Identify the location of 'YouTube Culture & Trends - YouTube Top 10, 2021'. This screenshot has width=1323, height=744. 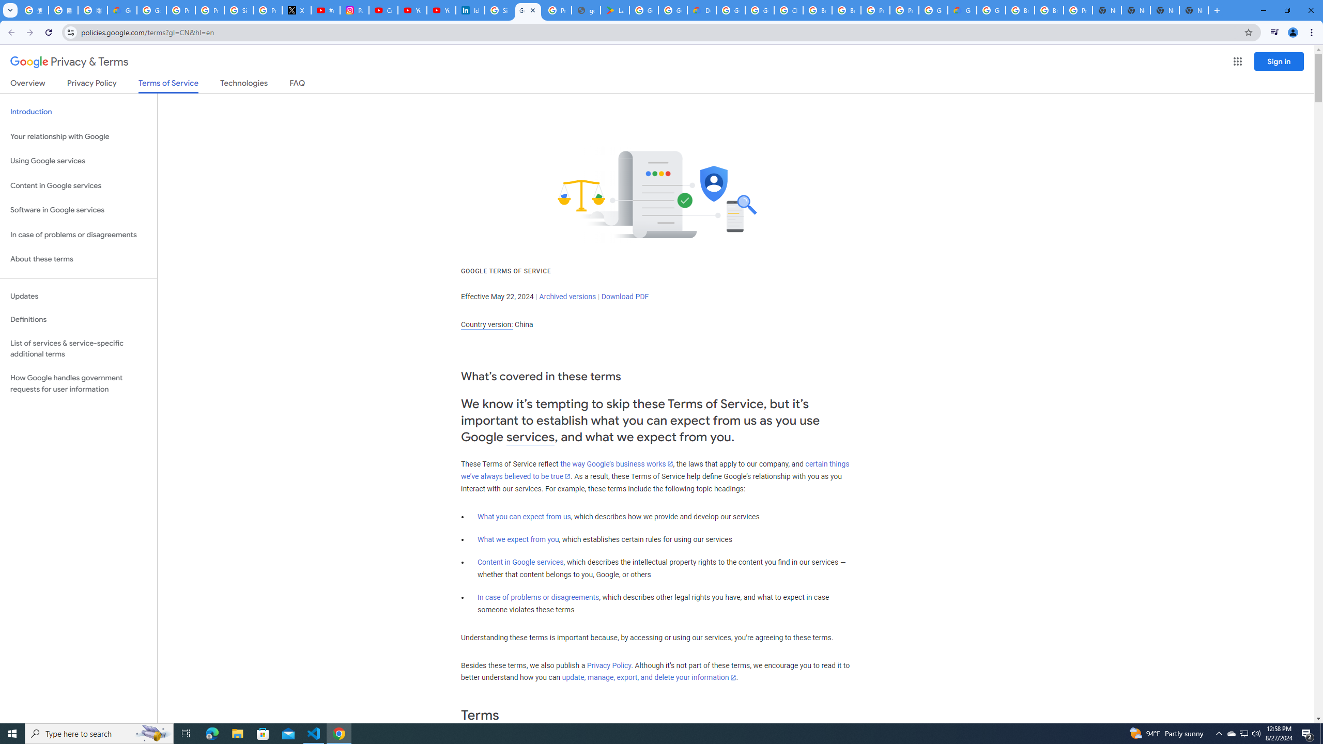
(440, 10).